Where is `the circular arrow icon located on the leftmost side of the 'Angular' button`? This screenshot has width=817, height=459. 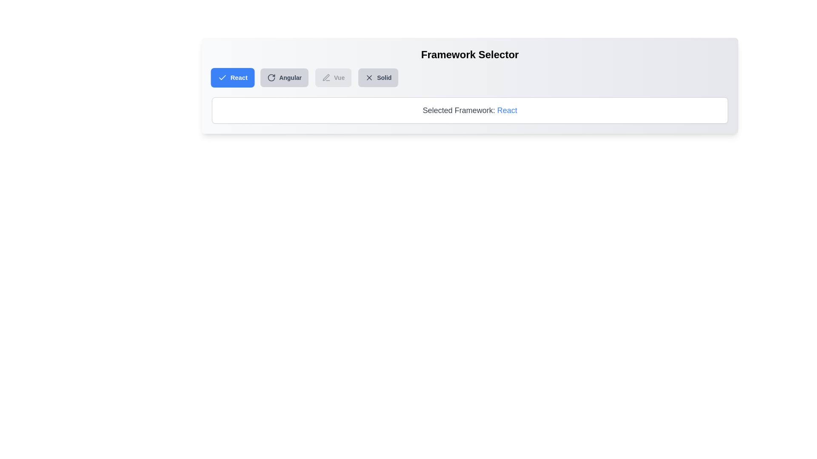
the circular arrow icon located on the leftmost side of the 'Angular' button is located at coordinates (271, 77).